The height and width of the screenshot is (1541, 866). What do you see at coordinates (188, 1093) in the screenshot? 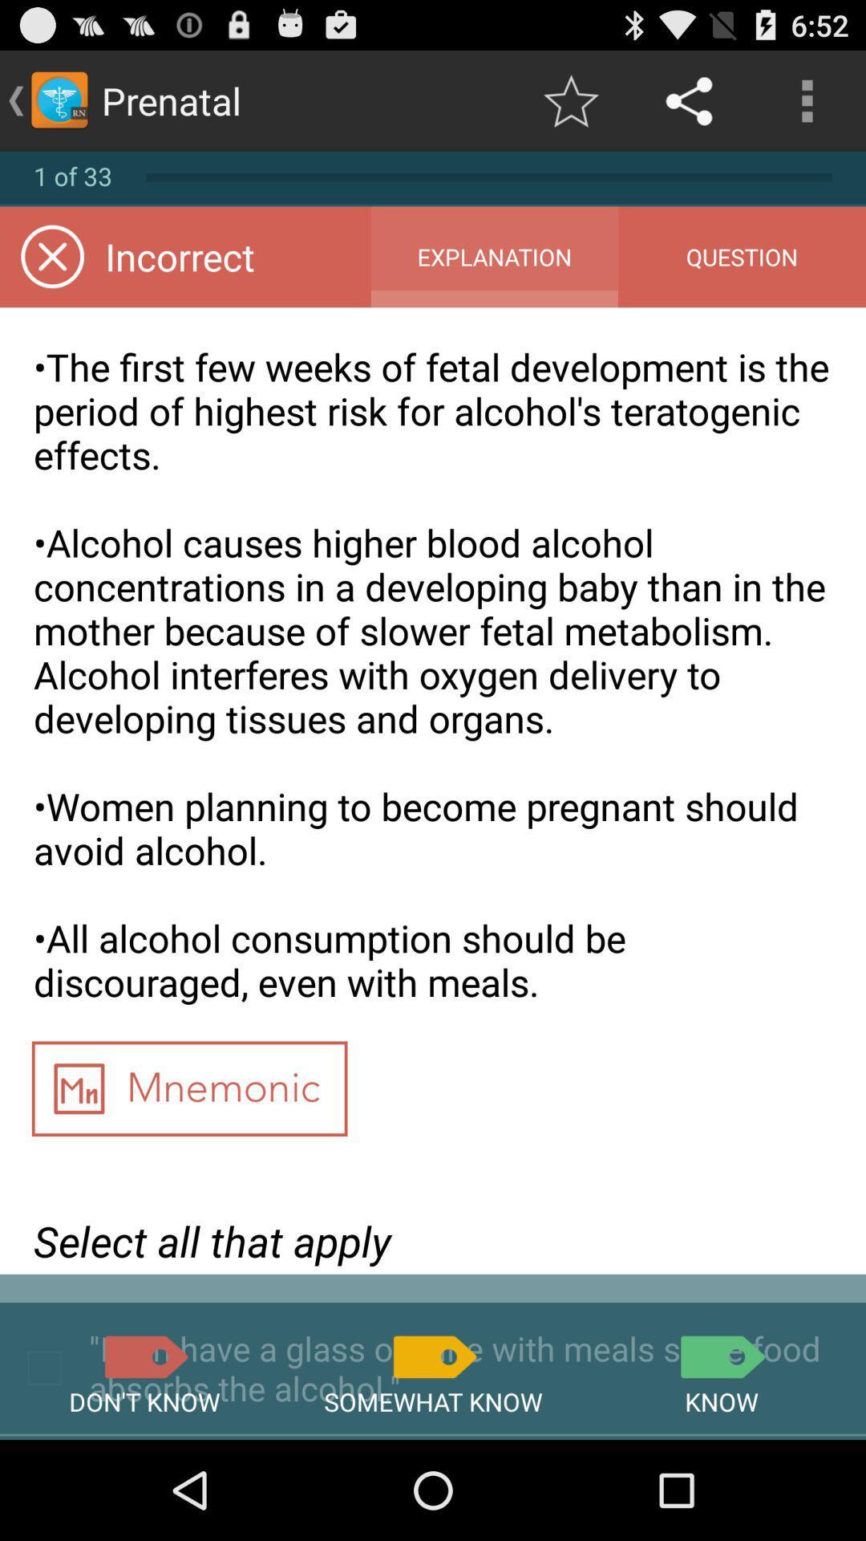
I see `app above the select all that app` at bounding box center [188, 1093].